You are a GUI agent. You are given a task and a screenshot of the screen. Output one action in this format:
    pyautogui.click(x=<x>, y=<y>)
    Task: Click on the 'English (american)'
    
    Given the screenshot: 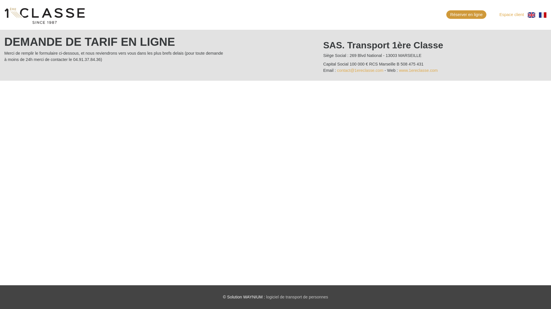 What is the action you would take?
    pyautogui.click(x=531, y=14)
    